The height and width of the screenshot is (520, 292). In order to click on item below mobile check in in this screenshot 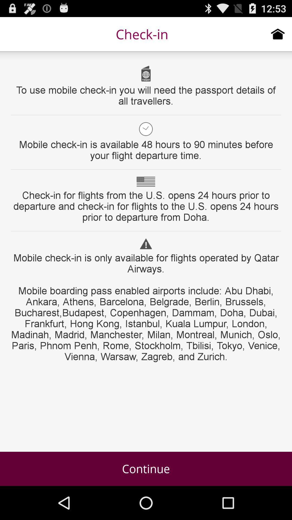, I will do `click(146, 469)`.